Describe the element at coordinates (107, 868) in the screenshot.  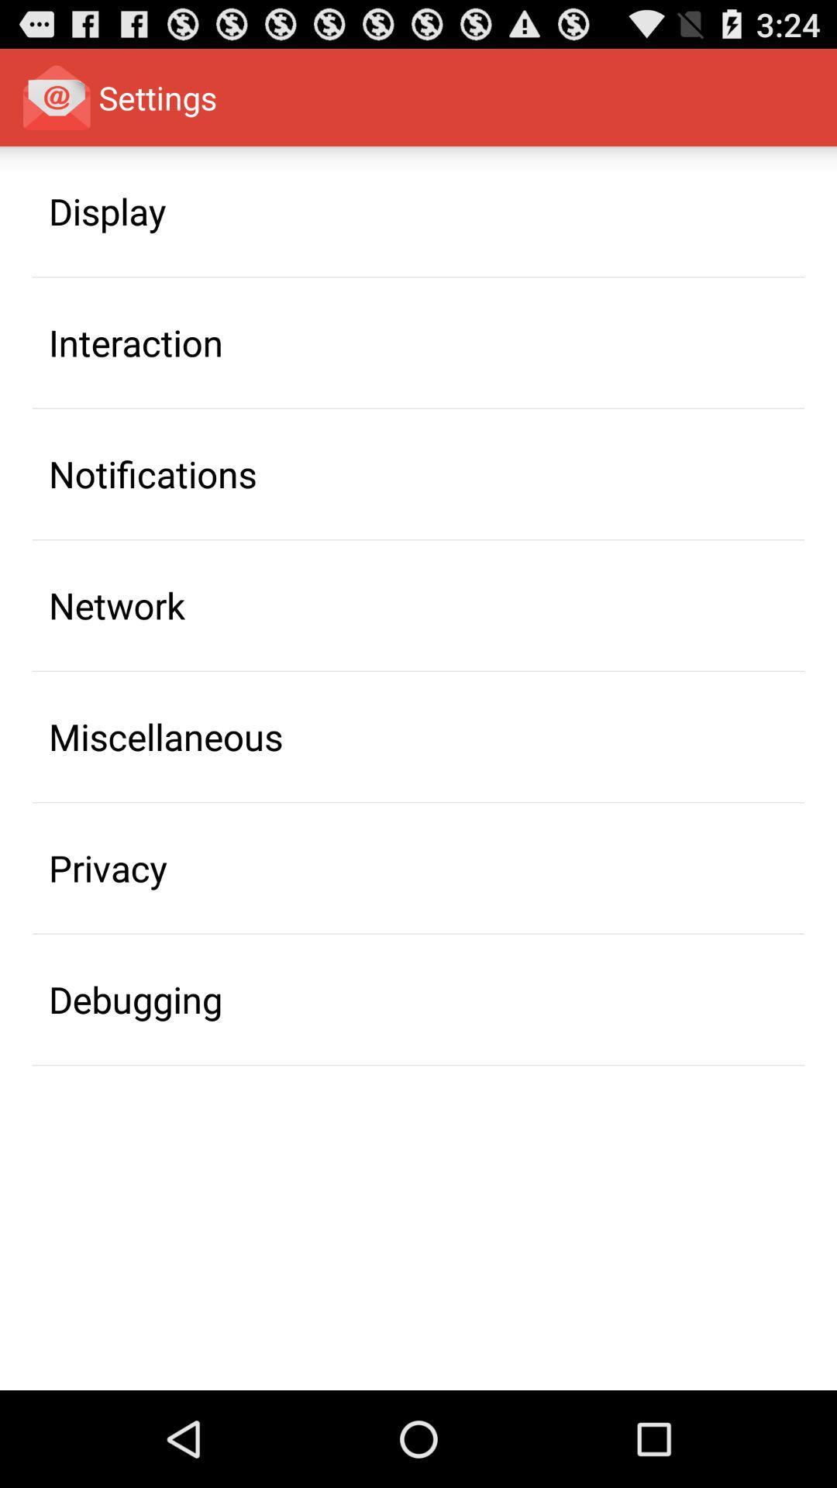
I see `the app above the debugging icon` at that location.